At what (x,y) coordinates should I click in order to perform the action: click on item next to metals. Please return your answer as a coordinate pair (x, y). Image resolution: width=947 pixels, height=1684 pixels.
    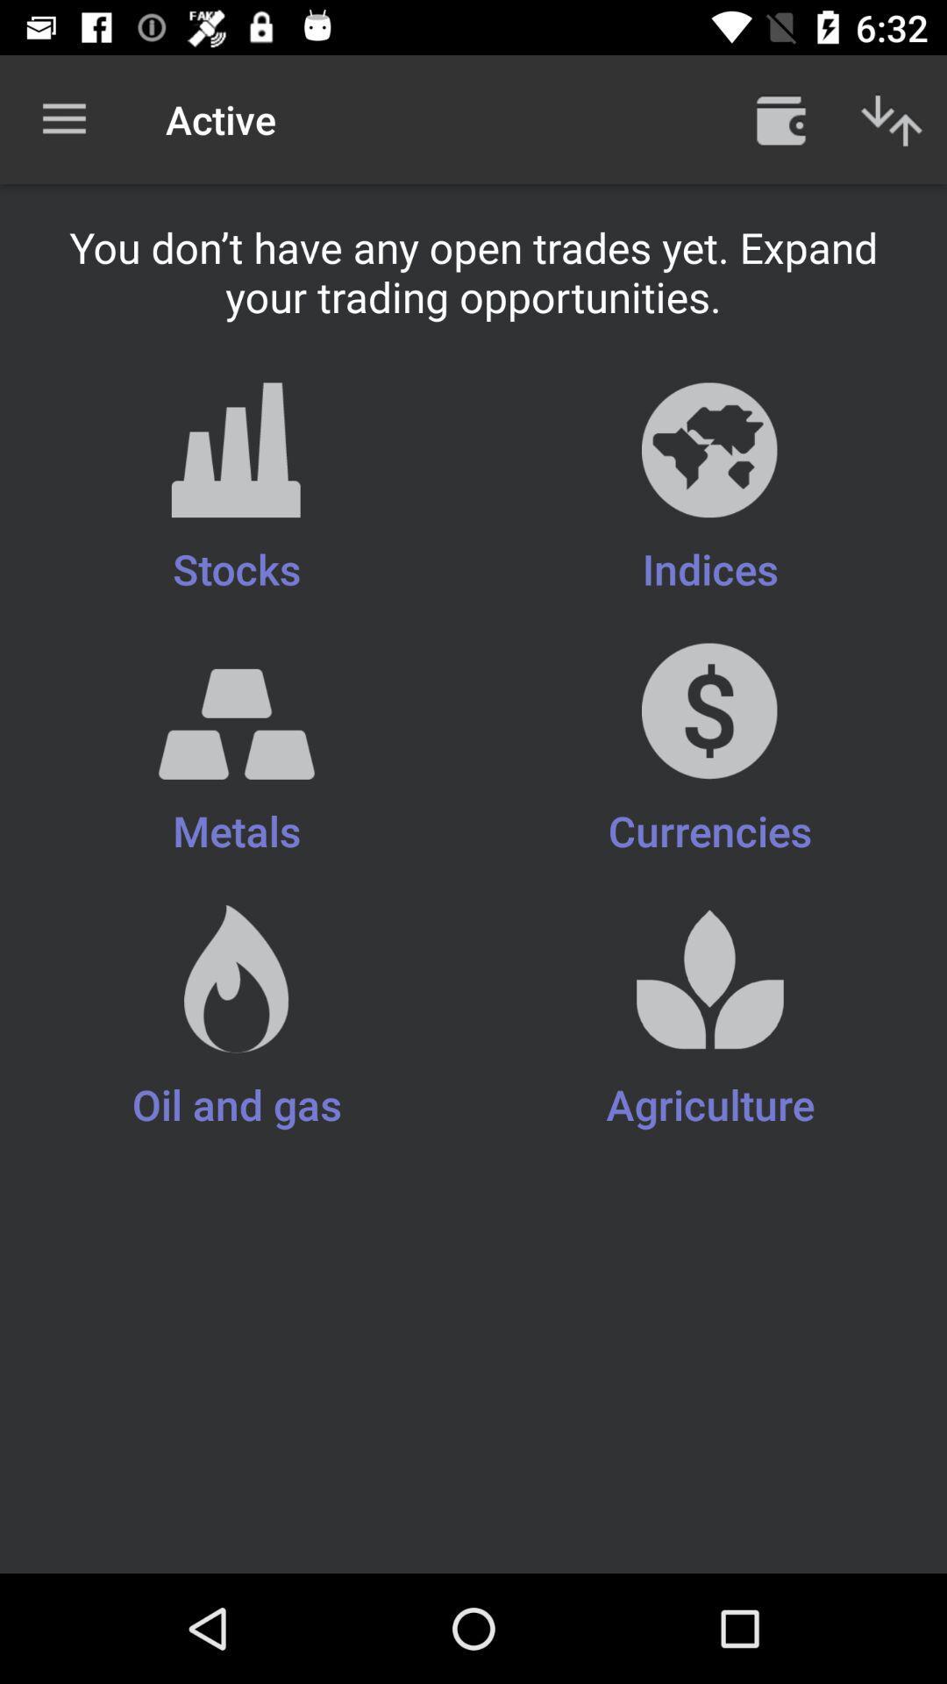
    Looking at the image, I should click on (710, 1019).